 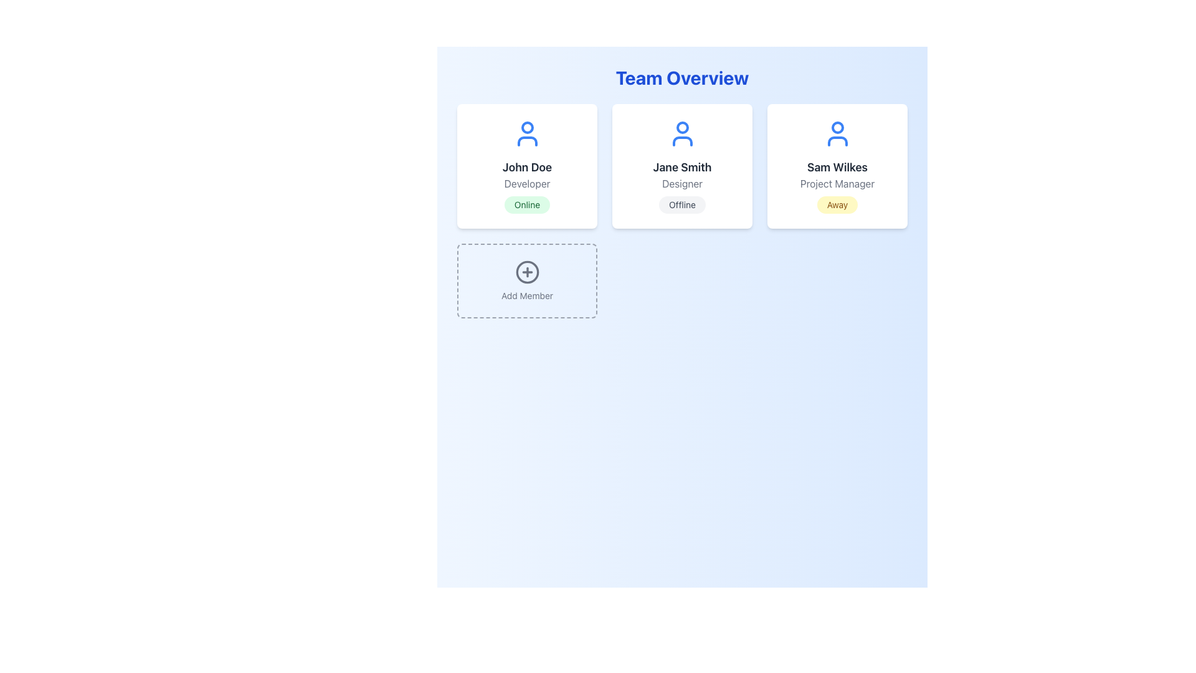 I want to click on the graphical component representing the user's profile avatar, located in the second user profile card labeled 'Jane Smith - Designer' with 'Offline' status, so click(x=681, y=141).